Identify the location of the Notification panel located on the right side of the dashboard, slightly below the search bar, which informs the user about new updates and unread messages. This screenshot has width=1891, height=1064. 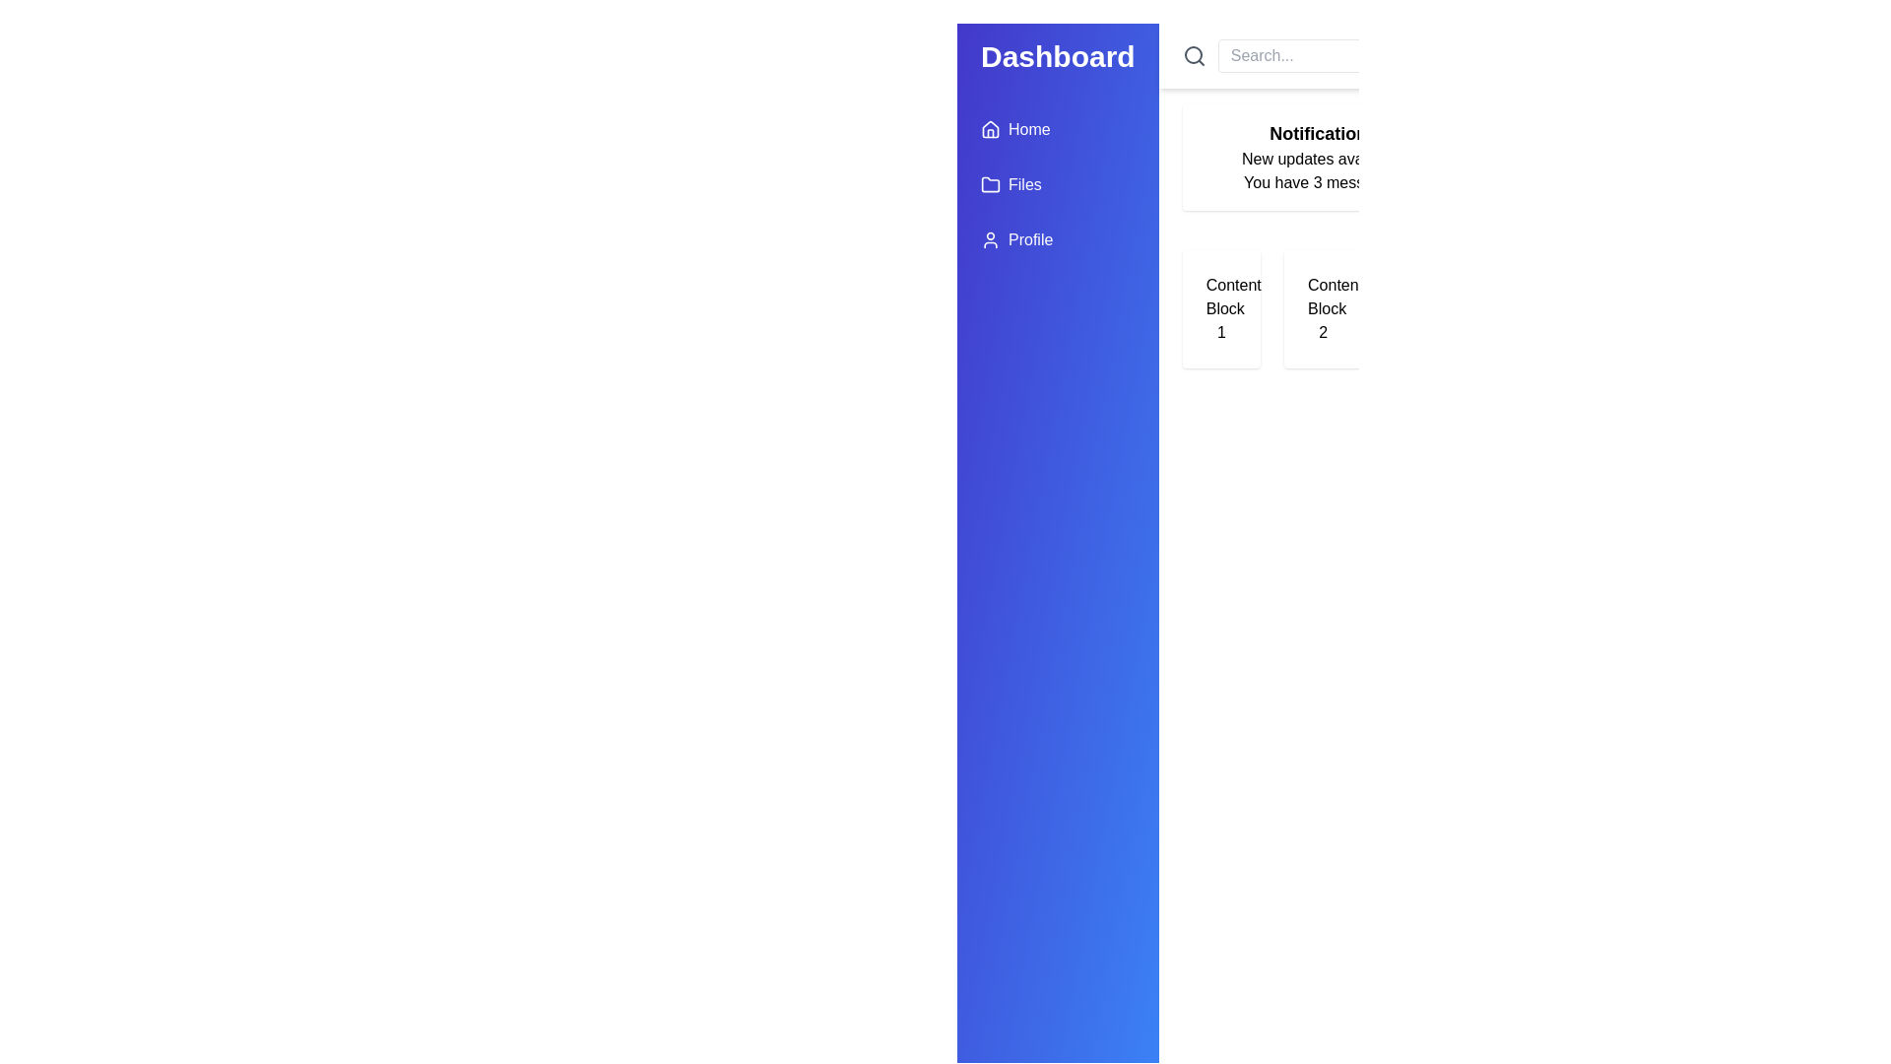
(1323, 156).